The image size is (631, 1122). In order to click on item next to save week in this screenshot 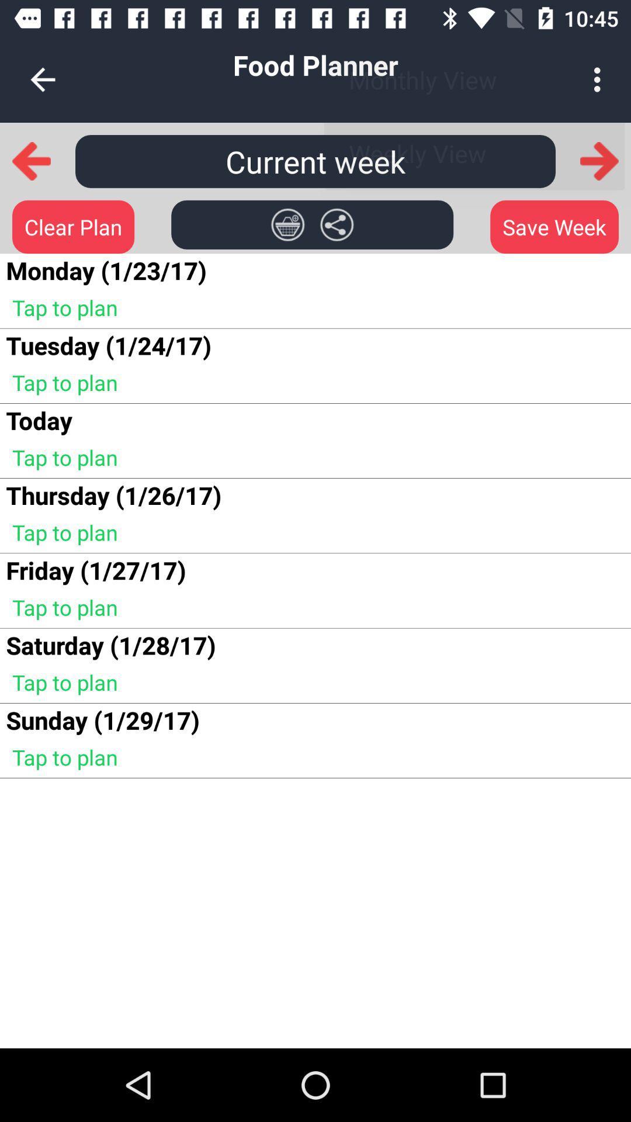, I will do `click(337, 224)`.